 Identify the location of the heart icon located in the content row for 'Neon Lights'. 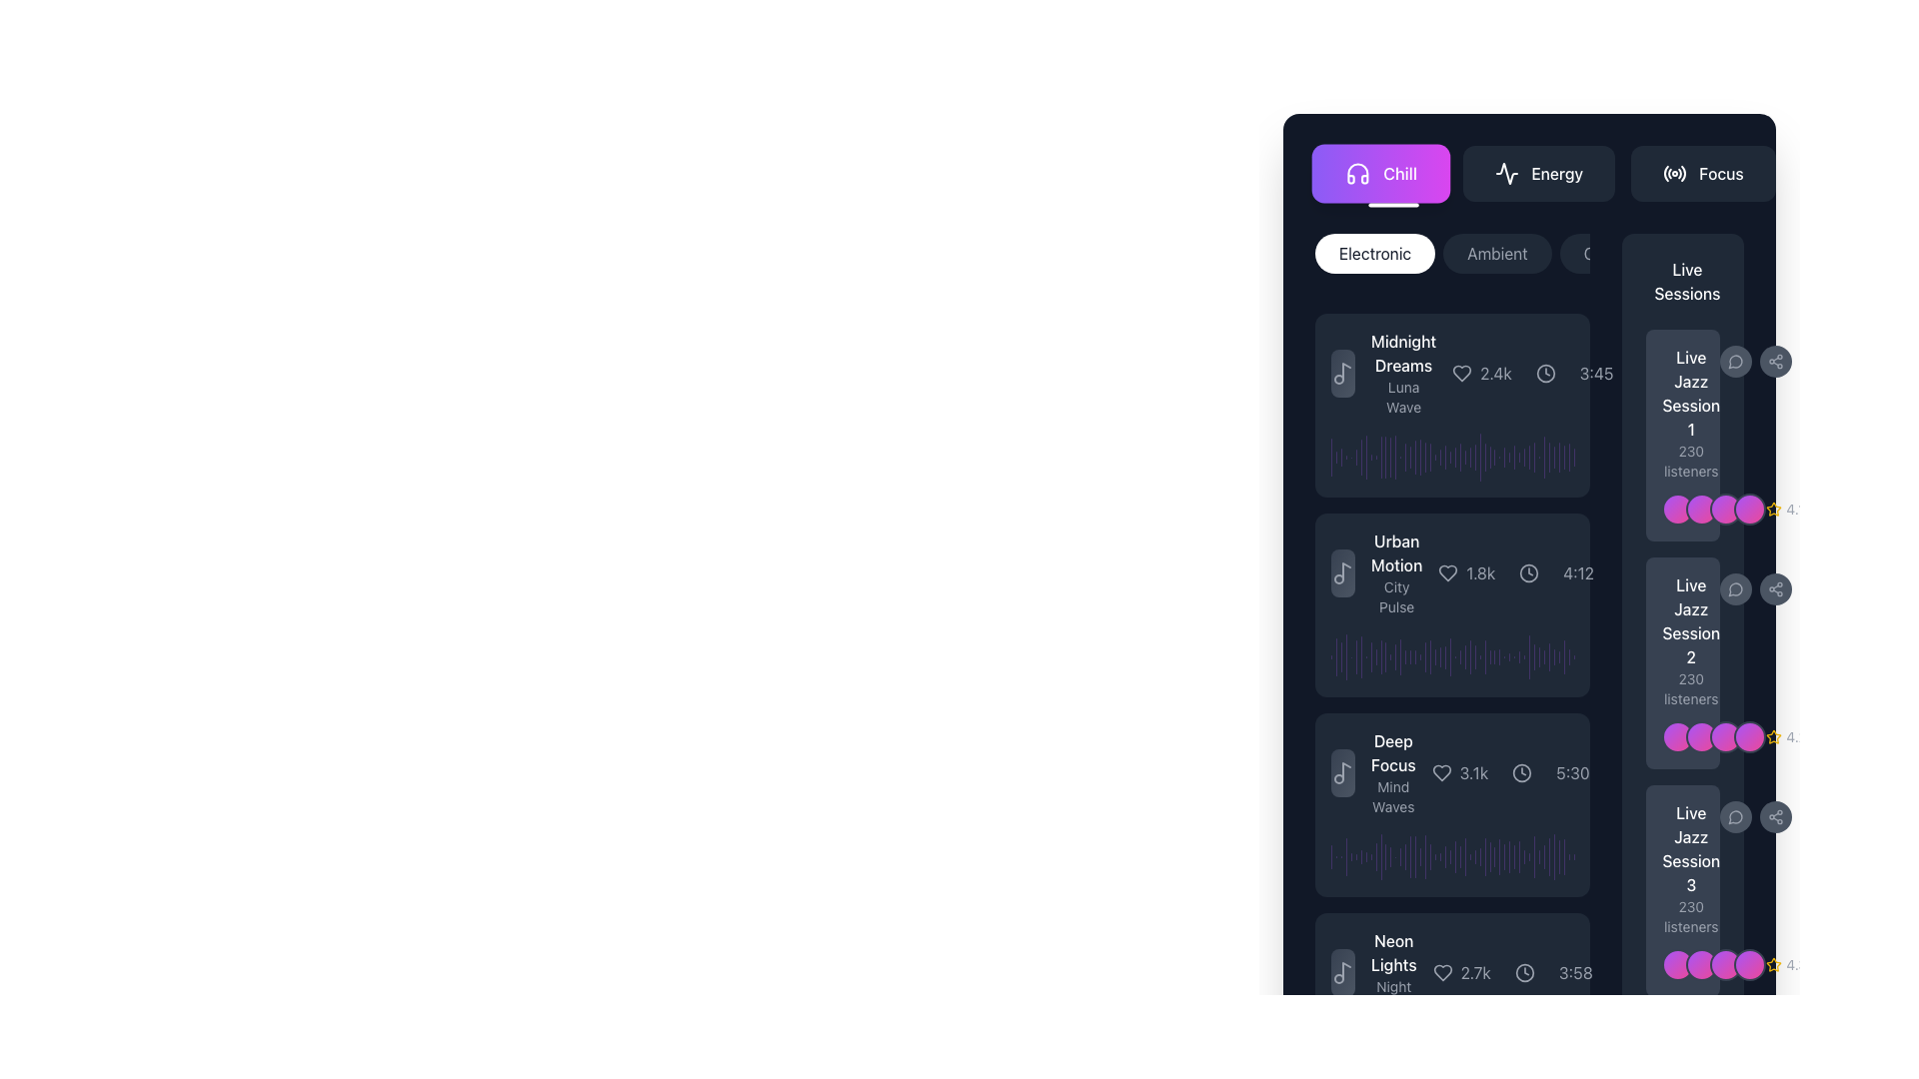
(1442, 972).